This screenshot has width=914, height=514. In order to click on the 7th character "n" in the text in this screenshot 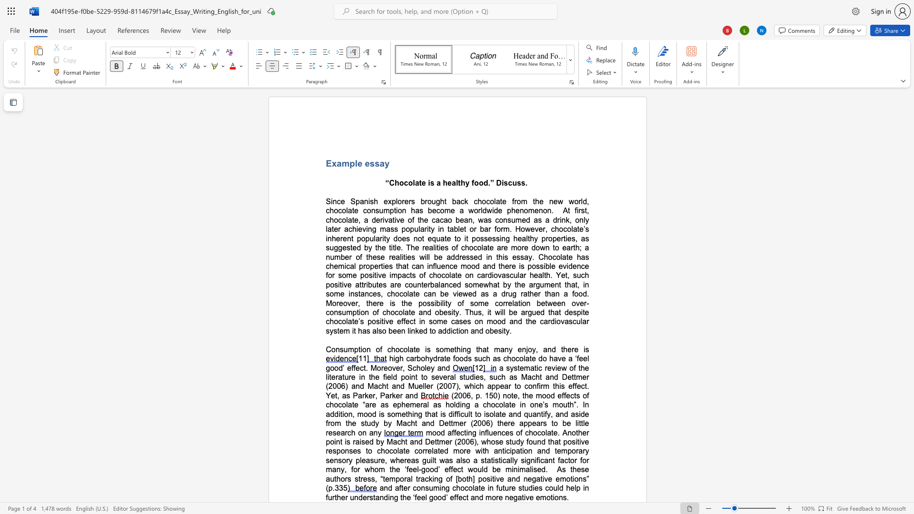, I will do `click(527, 303)`.